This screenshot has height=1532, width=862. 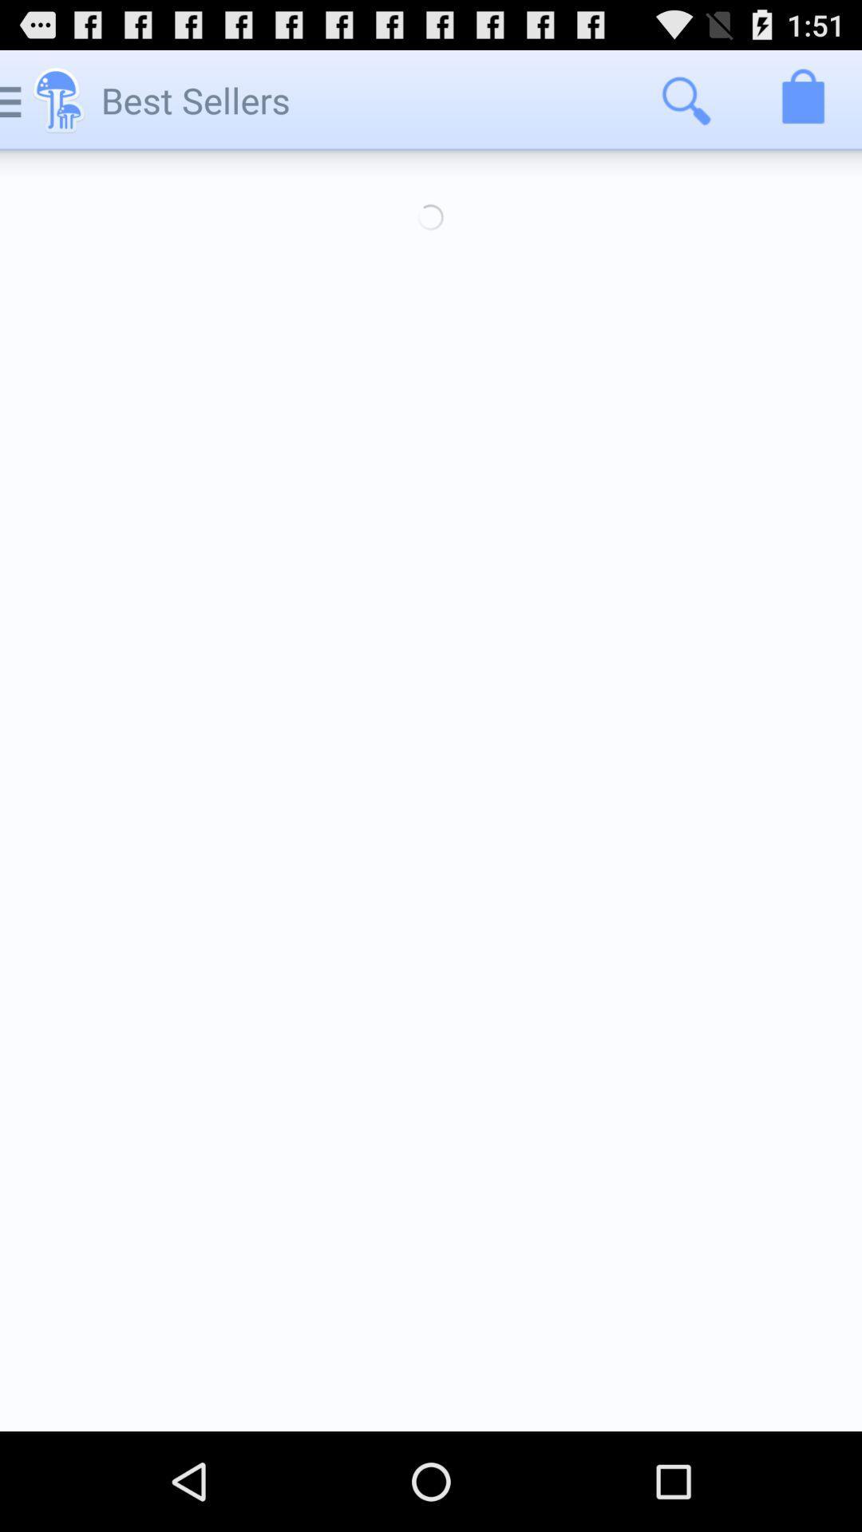 I want to click on the item at the top, so click(x=431, y=216).